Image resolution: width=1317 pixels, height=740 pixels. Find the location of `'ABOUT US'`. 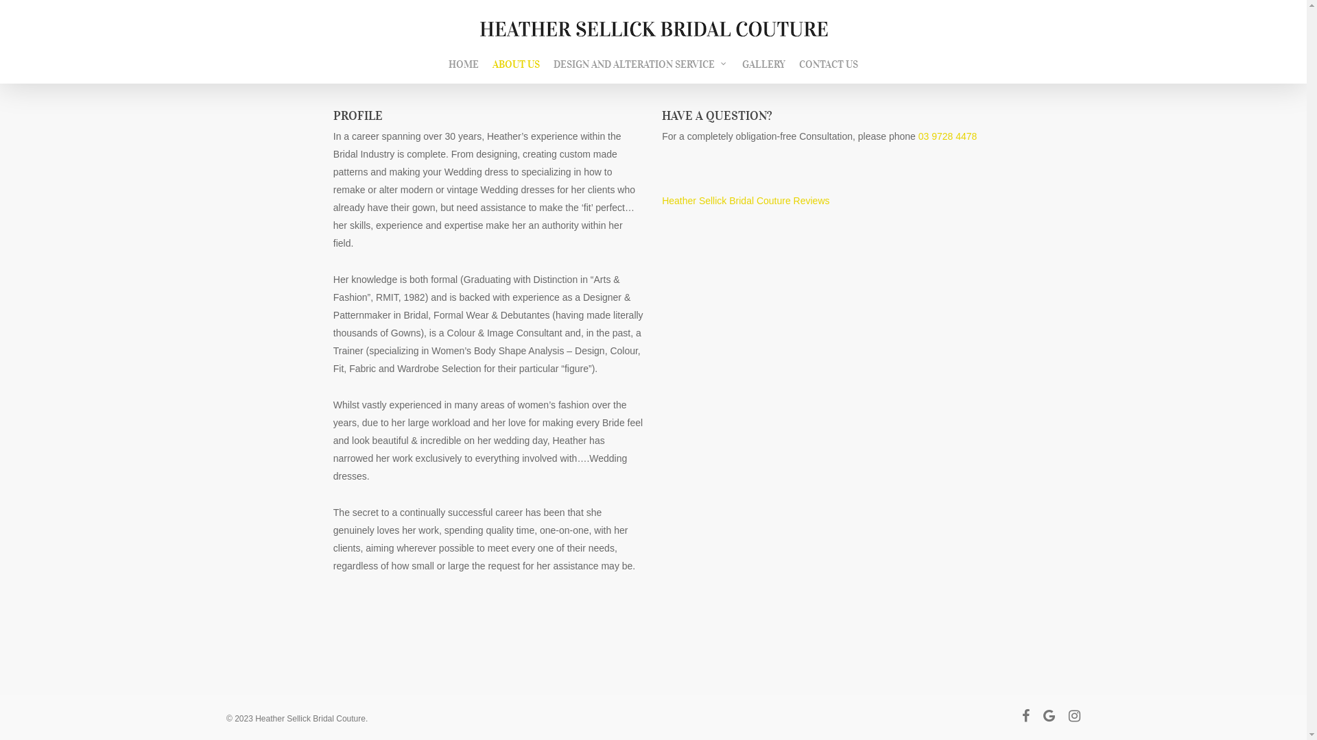

'ABOUT US' is located at coordinates (515, 71).